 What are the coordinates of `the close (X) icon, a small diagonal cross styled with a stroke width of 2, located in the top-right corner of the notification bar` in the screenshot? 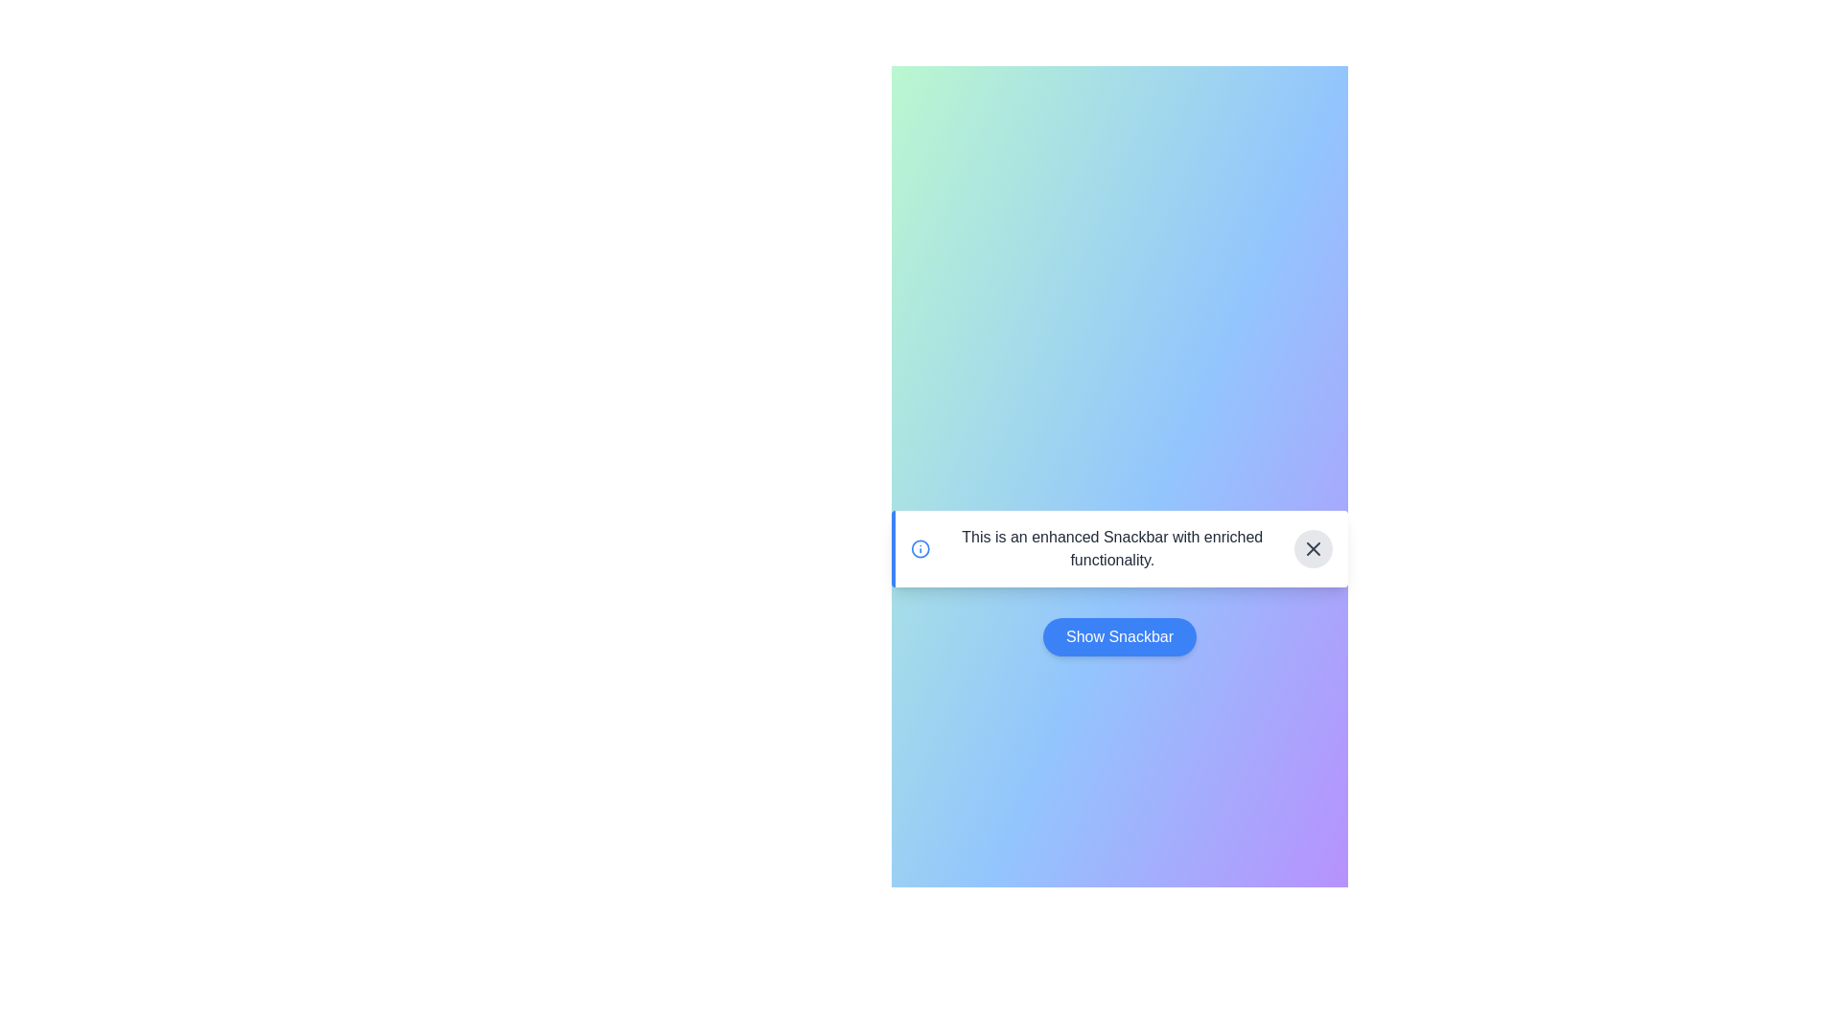 It's located at (1312, 549).